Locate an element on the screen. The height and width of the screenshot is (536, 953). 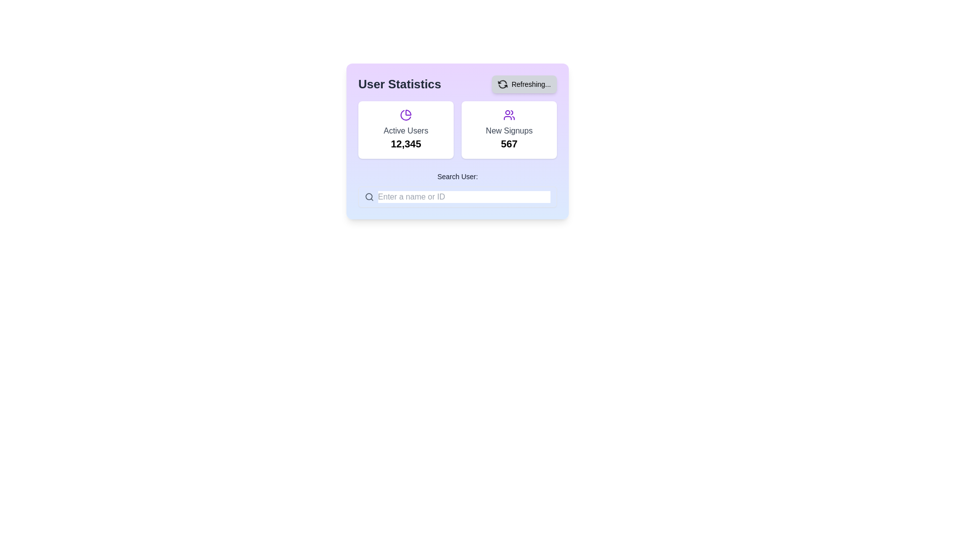
the 'Search User:' input field to focus on it, which is located at the bottom of the user statistics card and features a magnifying glass icon on the left is located at coordinates (457, 189).